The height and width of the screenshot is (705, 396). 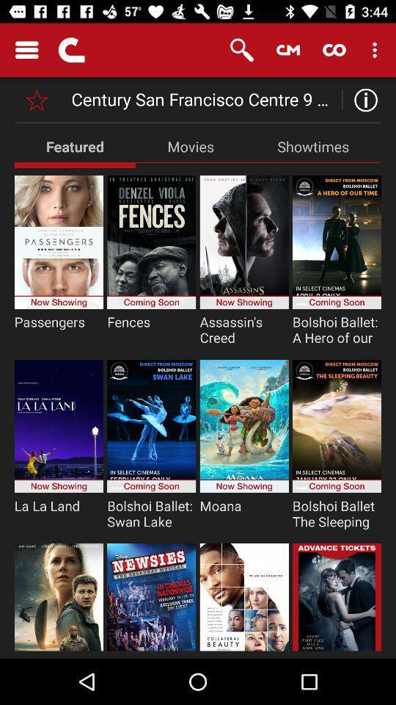 I want to click on the star icon, so click(x=37, y=99).